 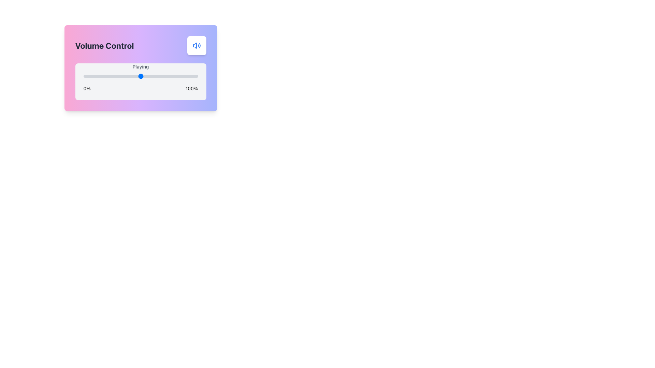 I want to click on the static text label displaying '0%' located to the left of the slider component, indicating the minimum value of the slider, so click(x=87, y=88).